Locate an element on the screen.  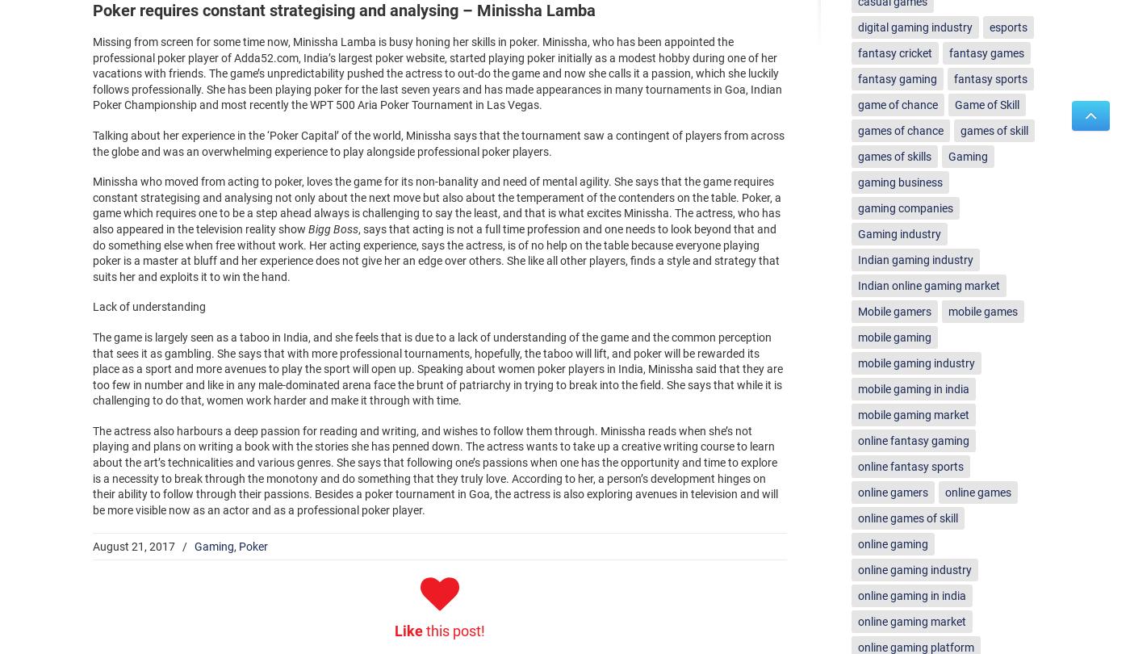
'Like' is located at coordinates (395, 630).